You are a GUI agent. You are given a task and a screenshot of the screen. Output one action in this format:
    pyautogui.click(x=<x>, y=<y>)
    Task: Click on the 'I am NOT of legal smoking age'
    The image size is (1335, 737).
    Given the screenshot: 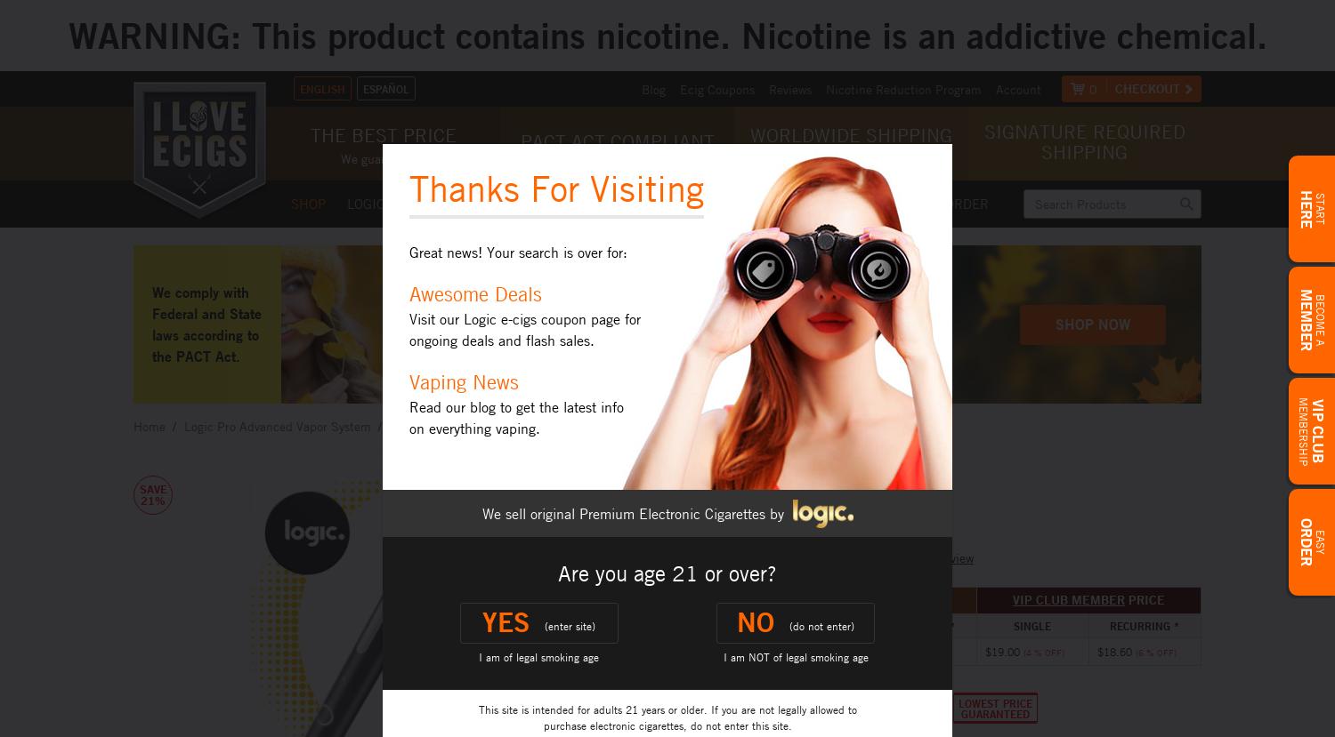 What is the action you would take?
    pyautogui.click(x=795, y=654)
    